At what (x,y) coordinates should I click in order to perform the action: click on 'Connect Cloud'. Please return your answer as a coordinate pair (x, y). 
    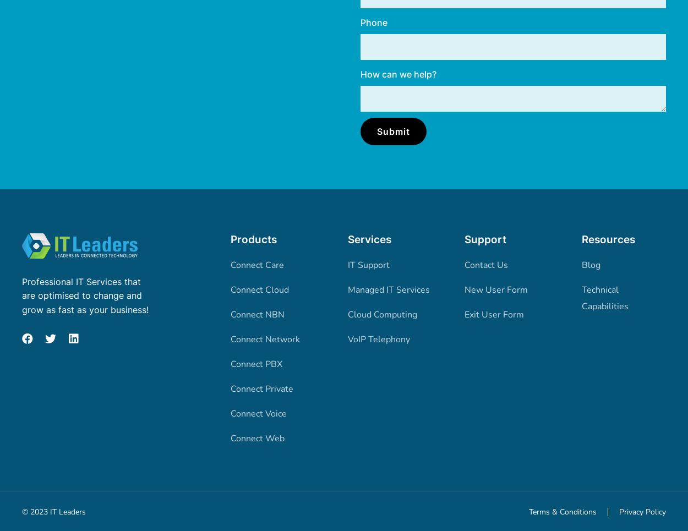
    Looking at the image, I should click on (259, 289).